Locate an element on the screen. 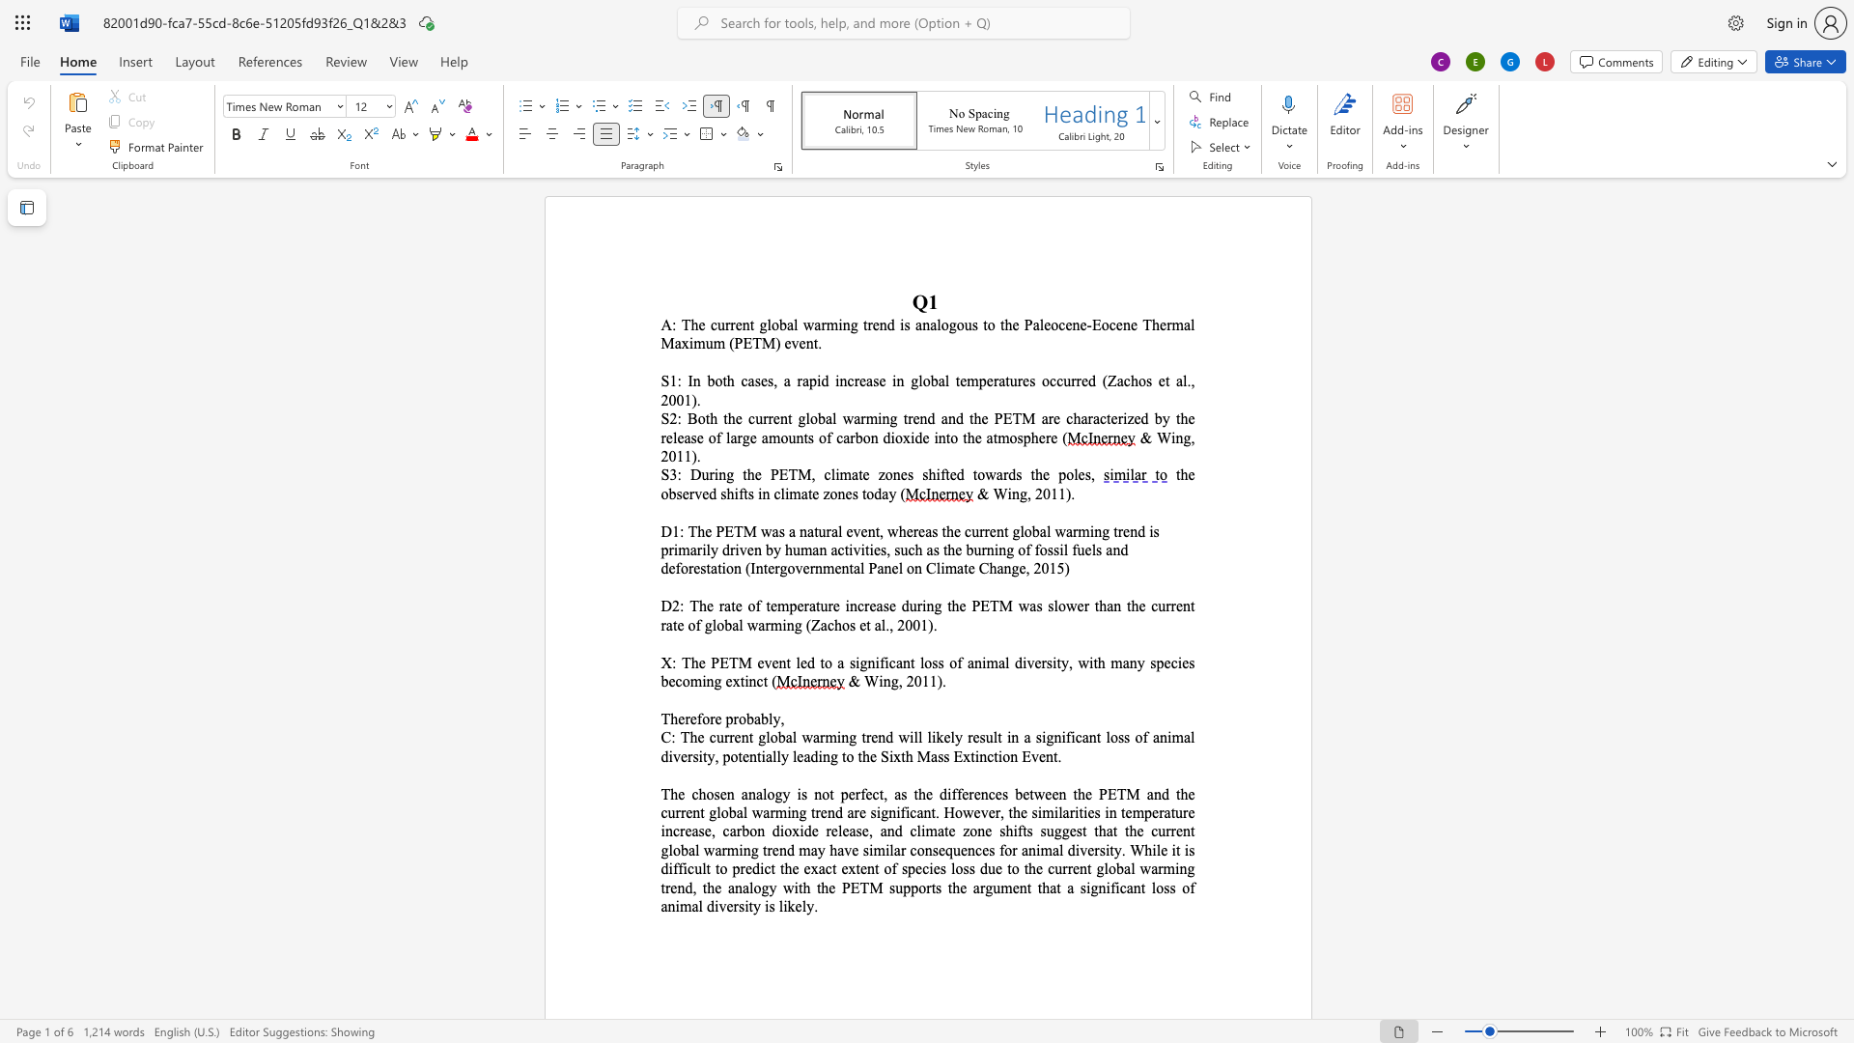  the 1th character "T" in the text is located at coordinates (793, 474).